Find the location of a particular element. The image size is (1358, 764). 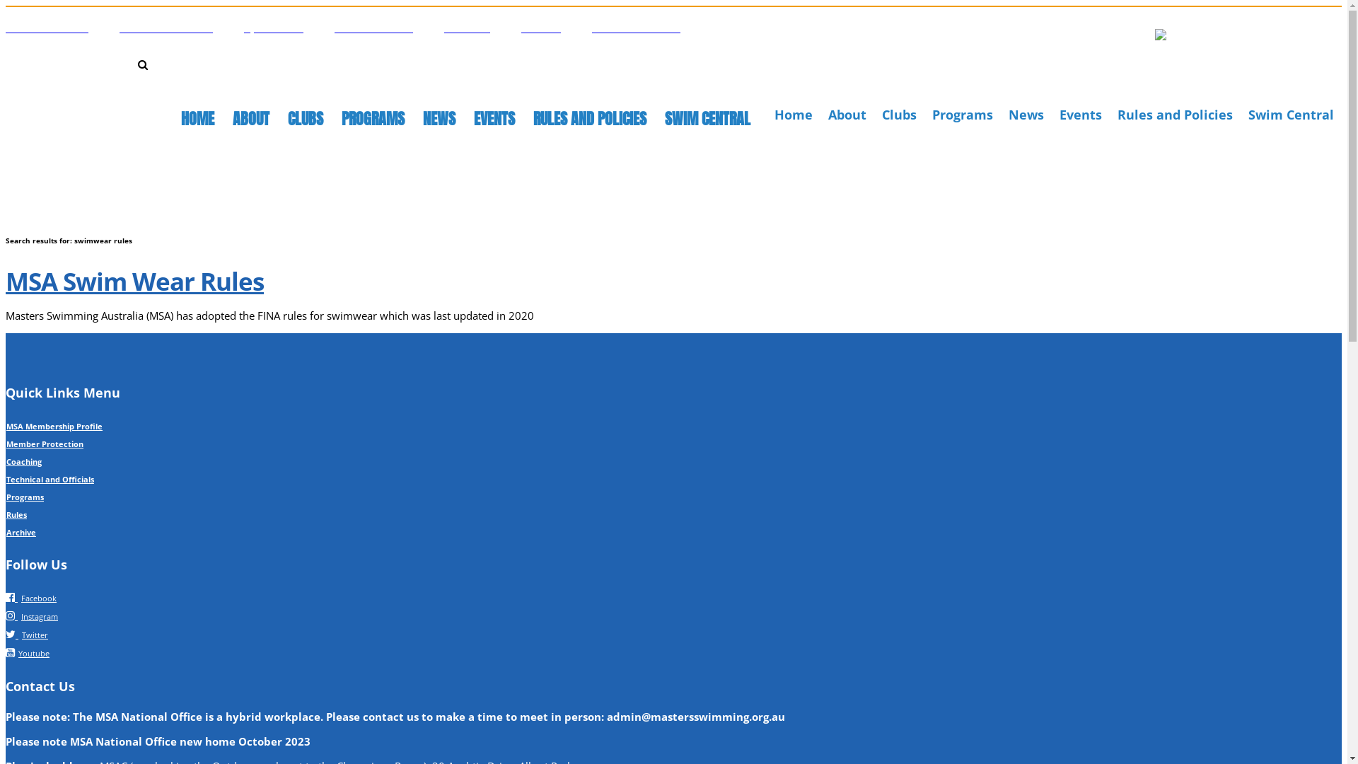

'Twitter' is located at coordinates (27, 632).